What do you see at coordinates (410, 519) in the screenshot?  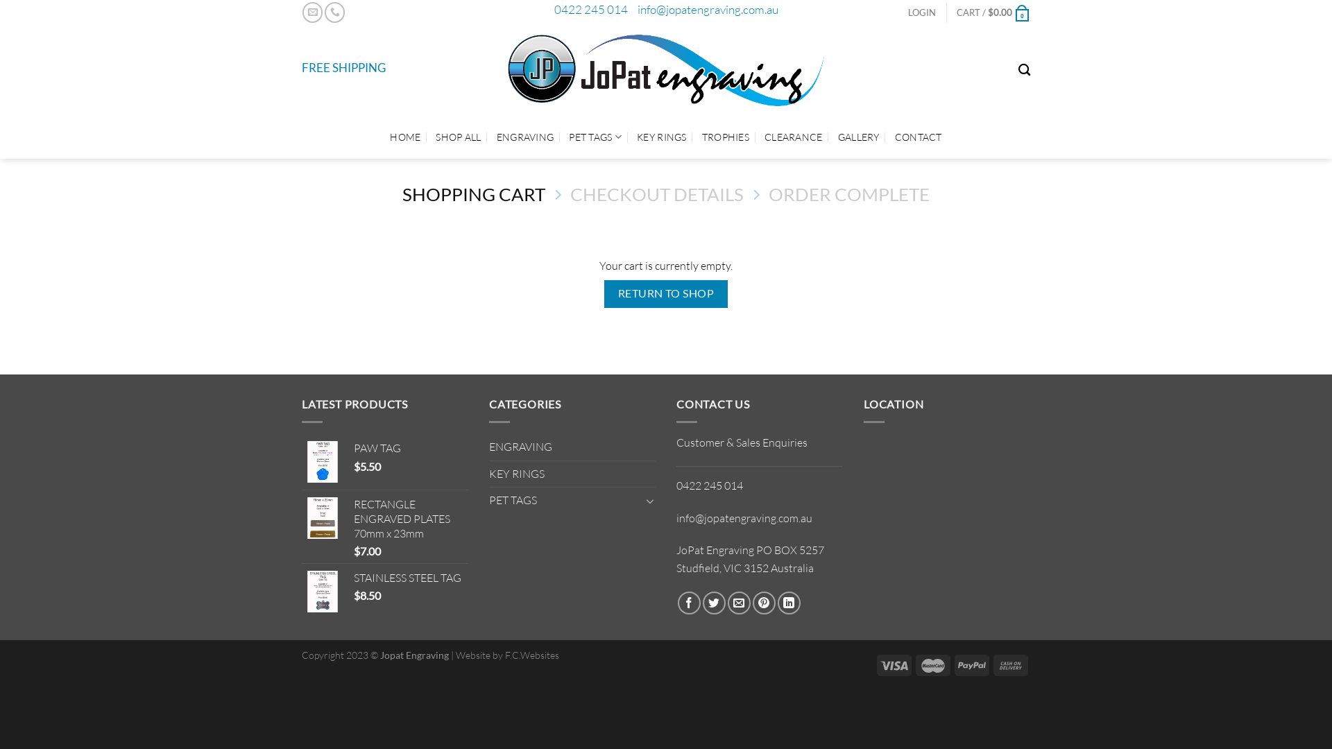 I see `'RECTANGLE ENGRAVED PLATES 70mm x 23mm'` at bounding box center [410, 519].